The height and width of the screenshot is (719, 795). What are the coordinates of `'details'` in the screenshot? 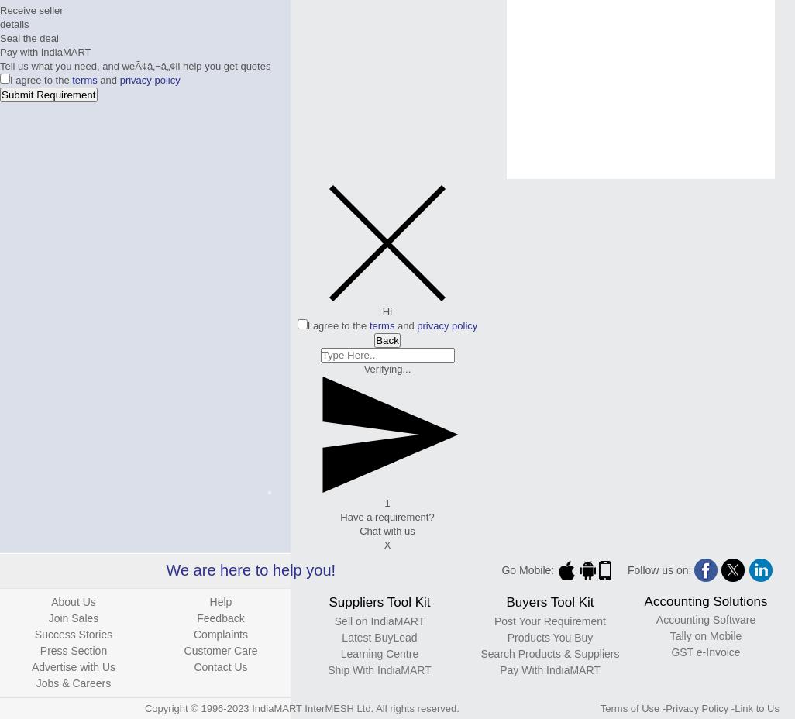 It's located at (14, 23).